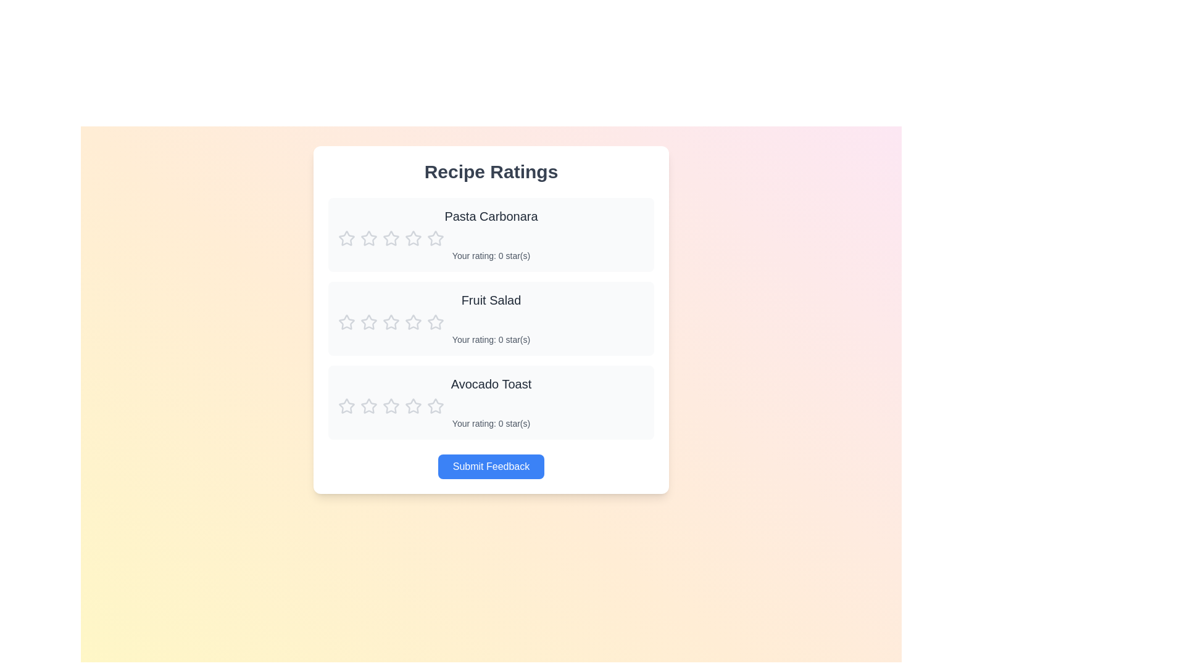 This screenshot has width=1185, height=666. Describe the element at coordinates (346, 406) in the screenshot. I see `the first star icon in the rating section under the 'Avocado Toast' label to rate 1 star` at that location.